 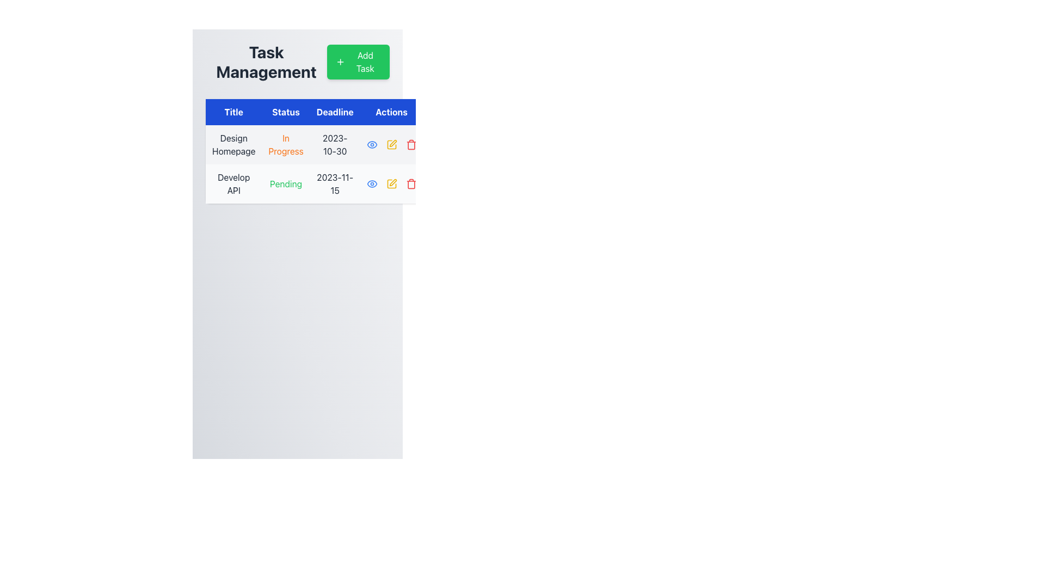 I want to click on the bold, large-sized text reading 'Task Management' located at the top-left of the interface, which serves as the page header, so click(x=266, y=62).